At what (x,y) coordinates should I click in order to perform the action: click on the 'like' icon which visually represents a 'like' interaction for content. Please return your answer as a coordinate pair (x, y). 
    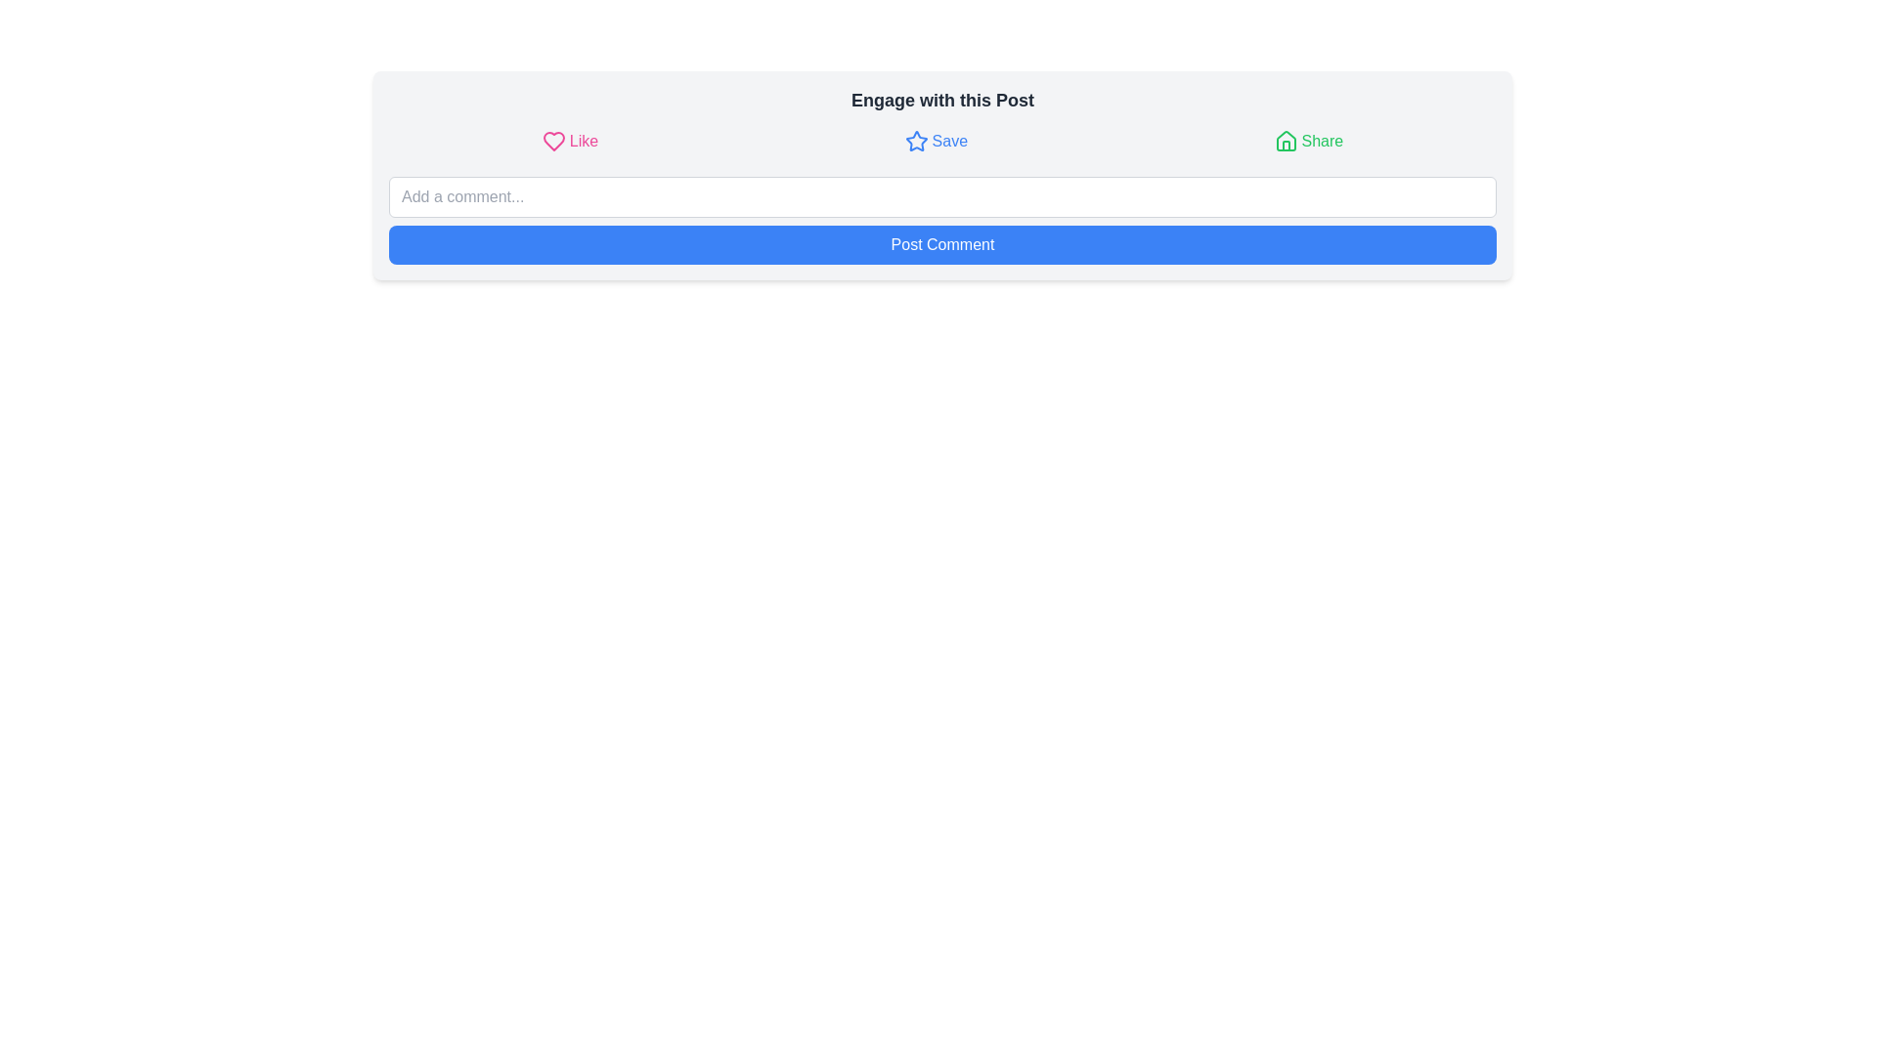
    Looking at the image, I should click on (552, 141).